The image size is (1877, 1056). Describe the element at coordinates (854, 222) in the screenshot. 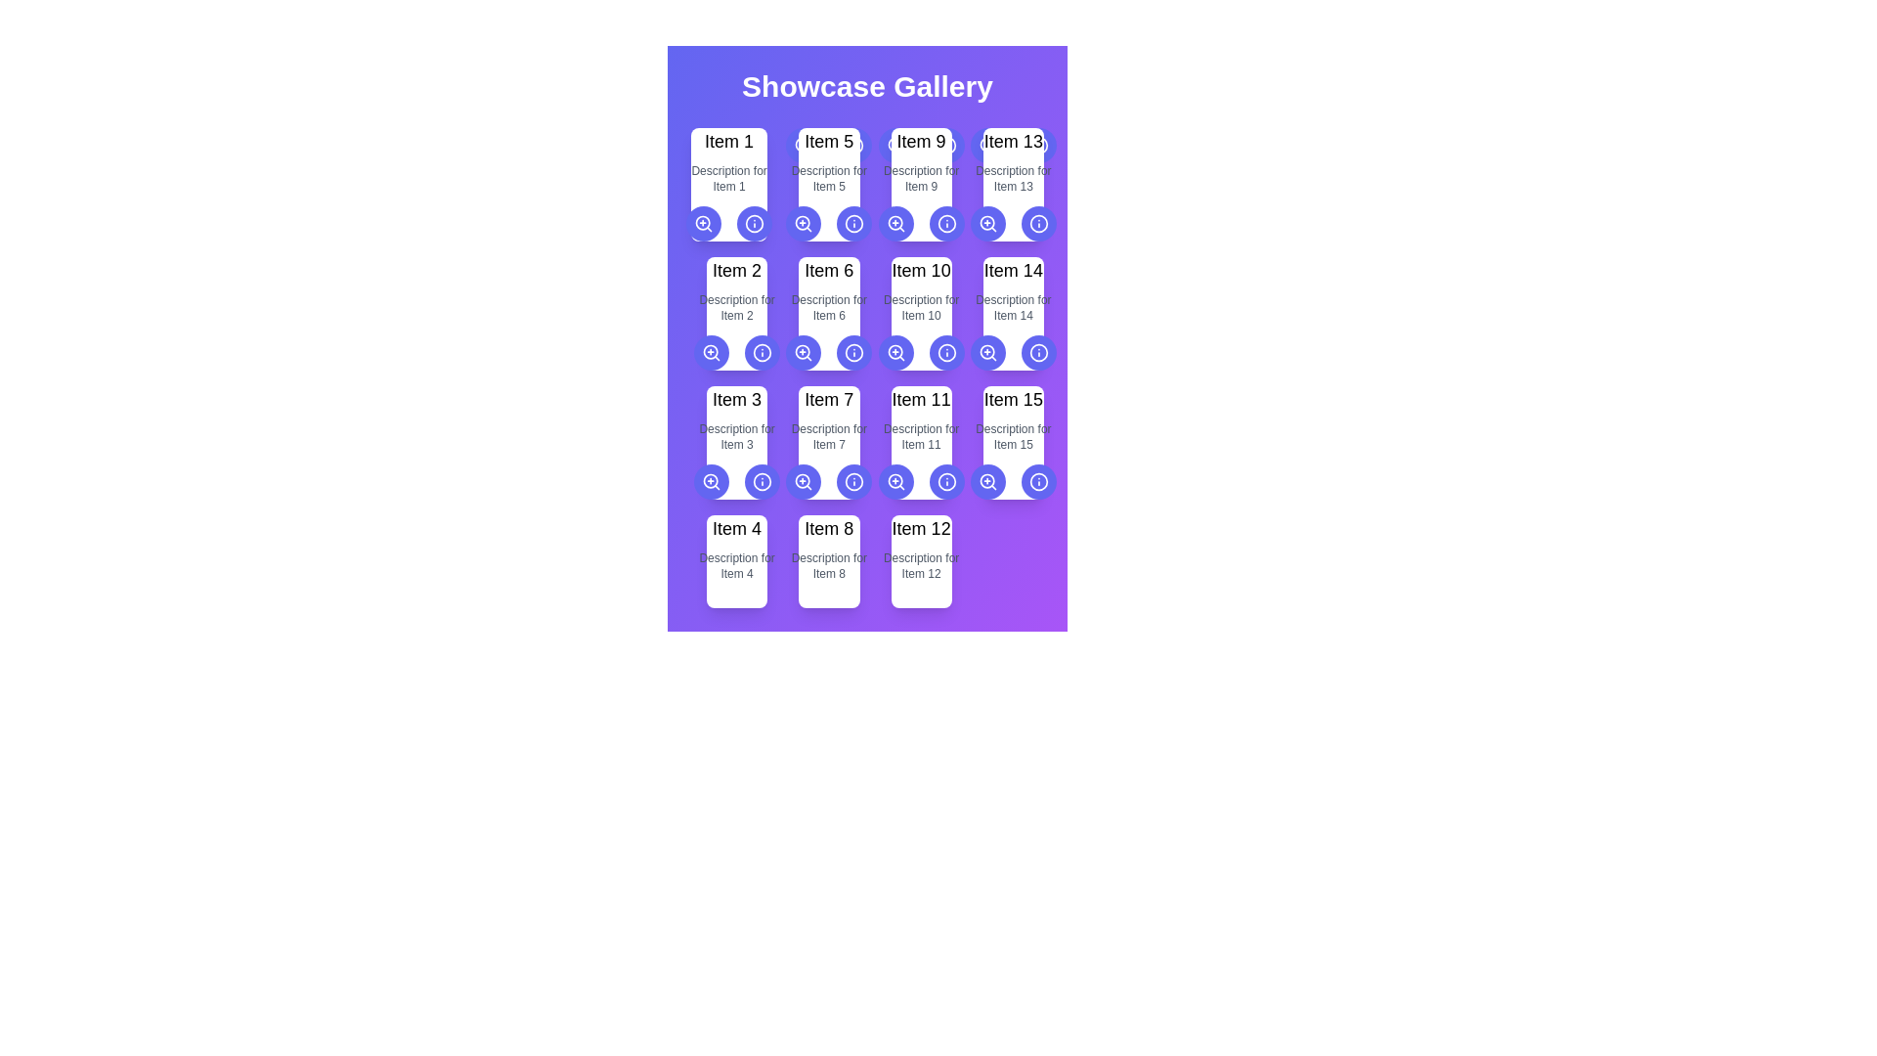

I see `the second button located to the right of the magnifying glass icon button in the card associated with 'Item 5'` at that location.